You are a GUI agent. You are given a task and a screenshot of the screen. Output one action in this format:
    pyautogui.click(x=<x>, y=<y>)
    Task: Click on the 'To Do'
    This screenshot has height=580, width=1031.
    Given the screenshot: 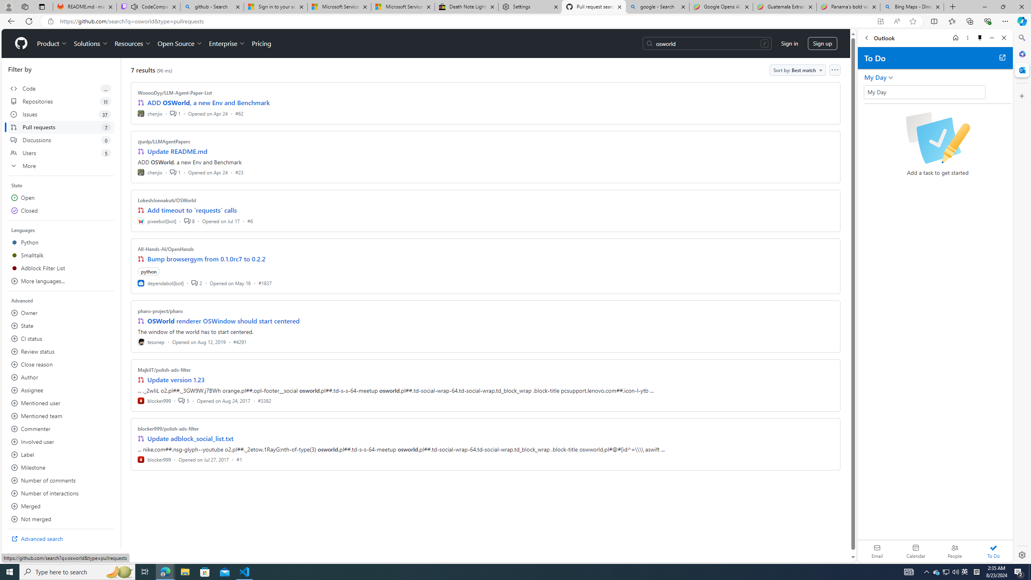 What is the action you would take?
    pyautogui.click(x=993, y=551)
    